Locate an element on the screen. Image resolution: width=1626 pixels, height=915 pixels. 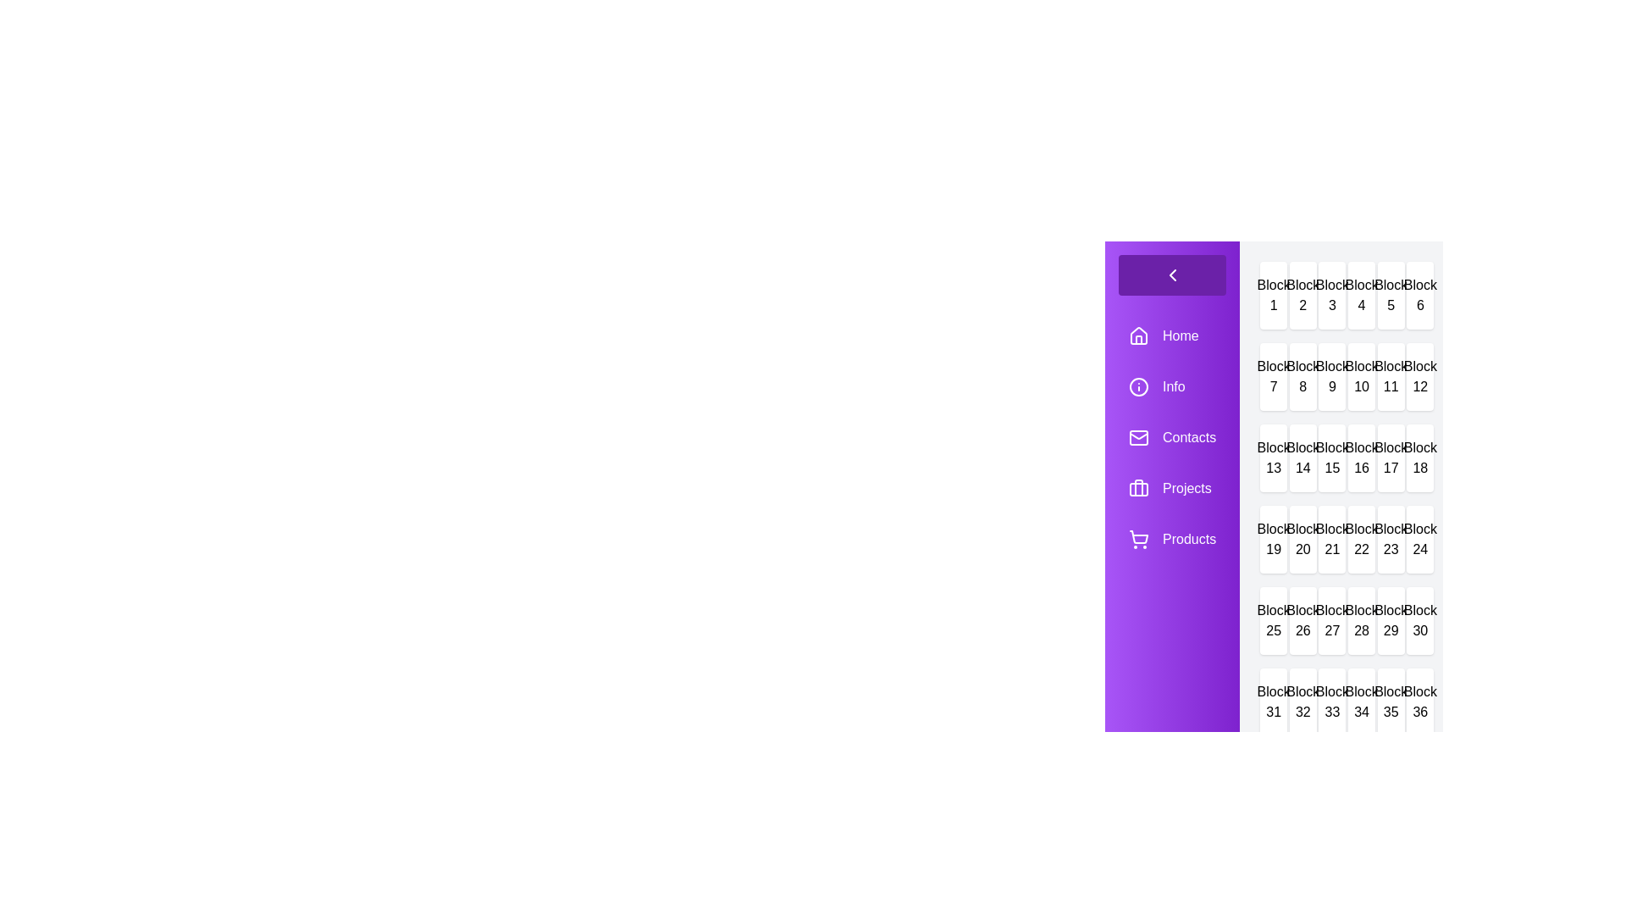
the menu item labeled Contacts is located at coordinates (1171, 436).